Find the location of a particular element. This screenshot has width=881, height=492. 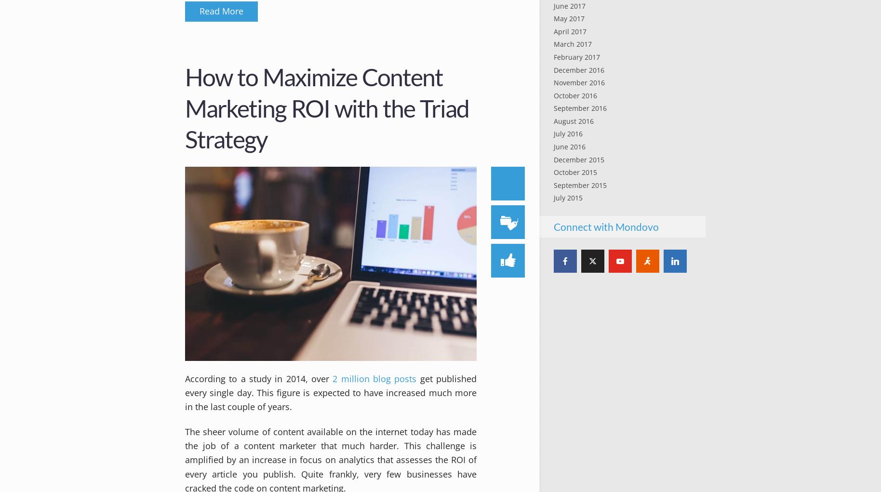

'October 2015' is located at coordinates (575, 172).